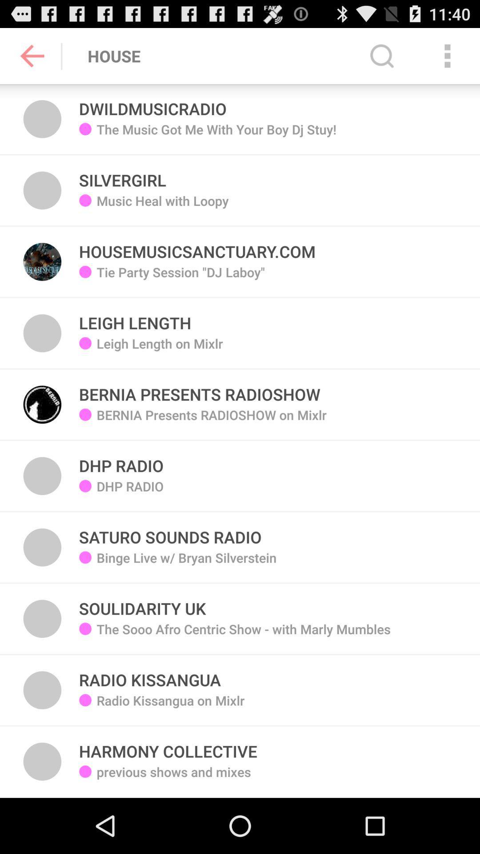 This screenshot has width=480, height=854. What do you see at coordinates (381, 55) in the screenshot?
I see `item next to dwildmusicradio item` at bounding box center [381, 55].